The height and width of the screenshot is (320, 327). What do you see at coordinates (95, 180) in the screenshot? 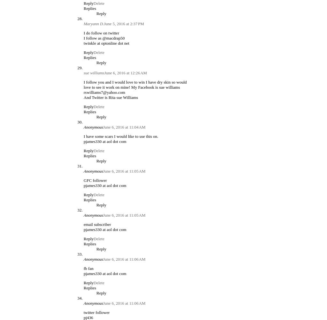
I see `'GFC follower'` at bounding box center [95, 180].